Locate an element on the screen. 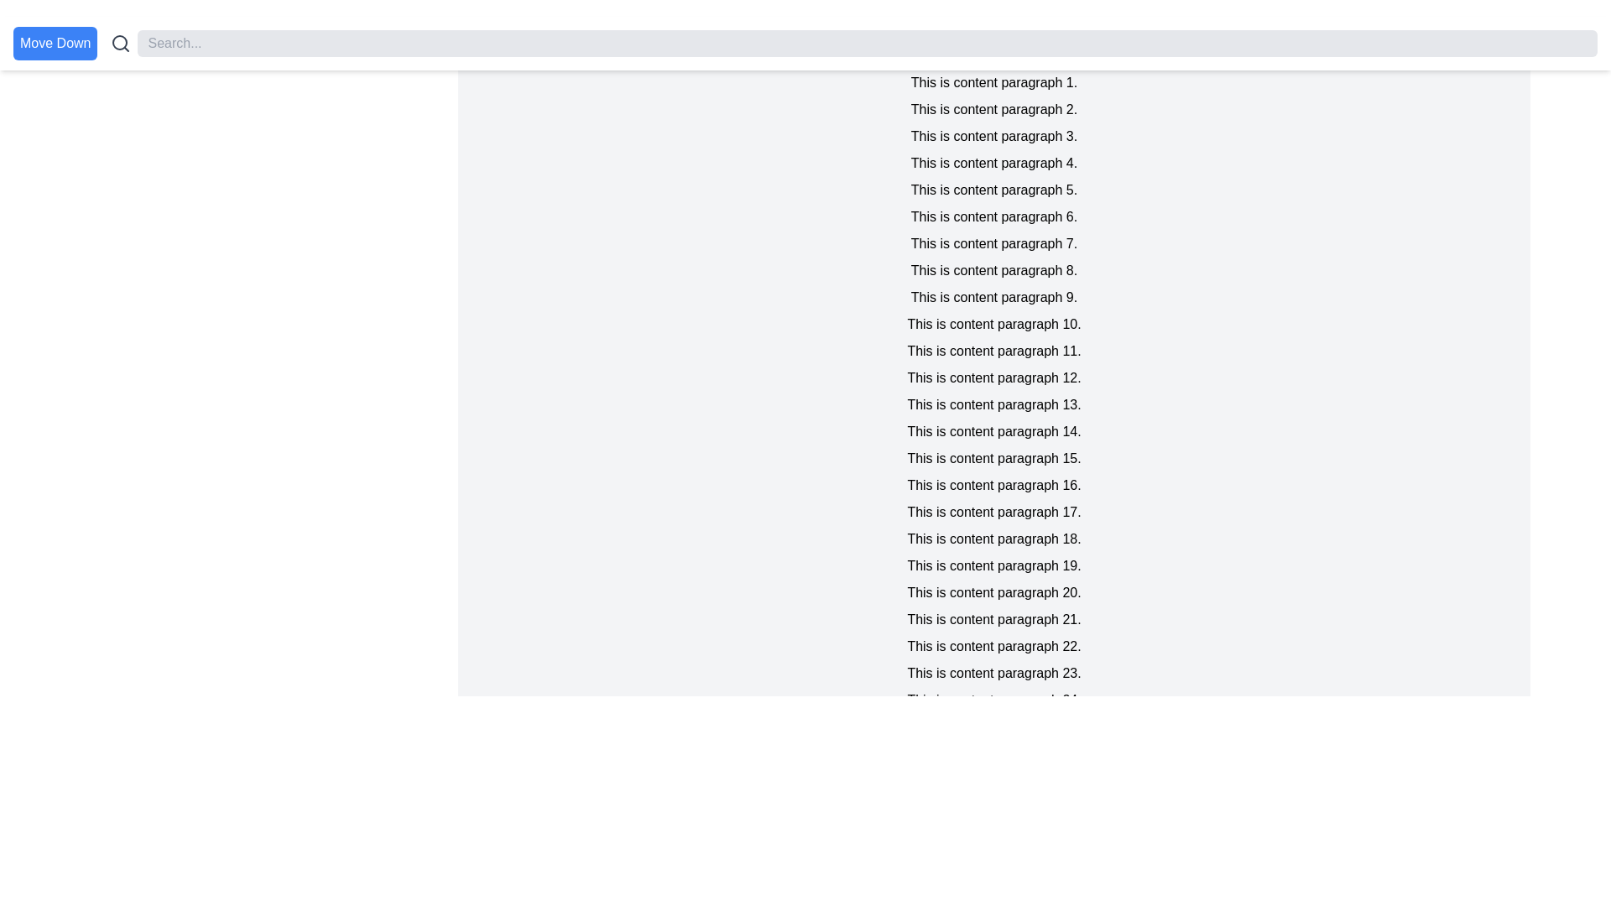 The image size is (1611, 906). the text block containing 'This is content paragraph 22.' which is the 22nd item in a vertically aligned list of paragraphs is located at coordinates (994, 646).